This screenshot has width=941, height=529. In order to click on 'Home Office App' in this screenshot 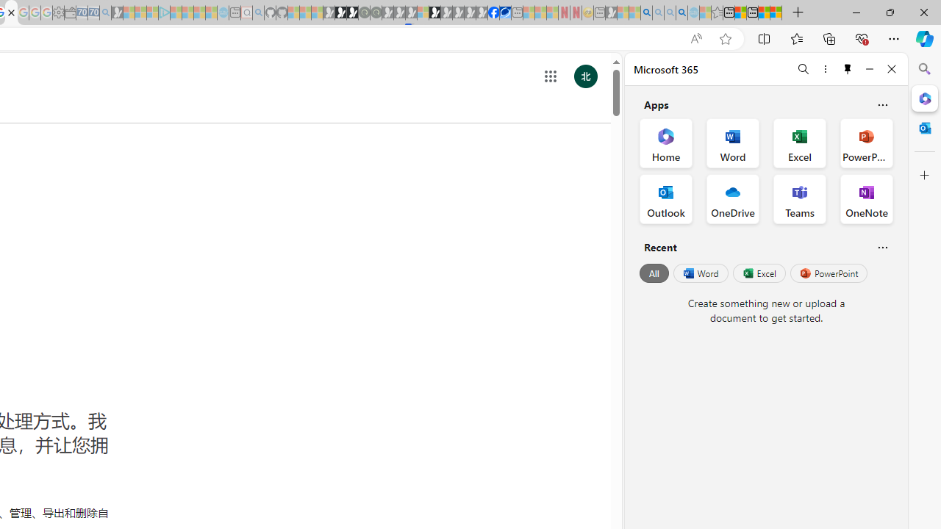, I will do `click(665, 143)`.